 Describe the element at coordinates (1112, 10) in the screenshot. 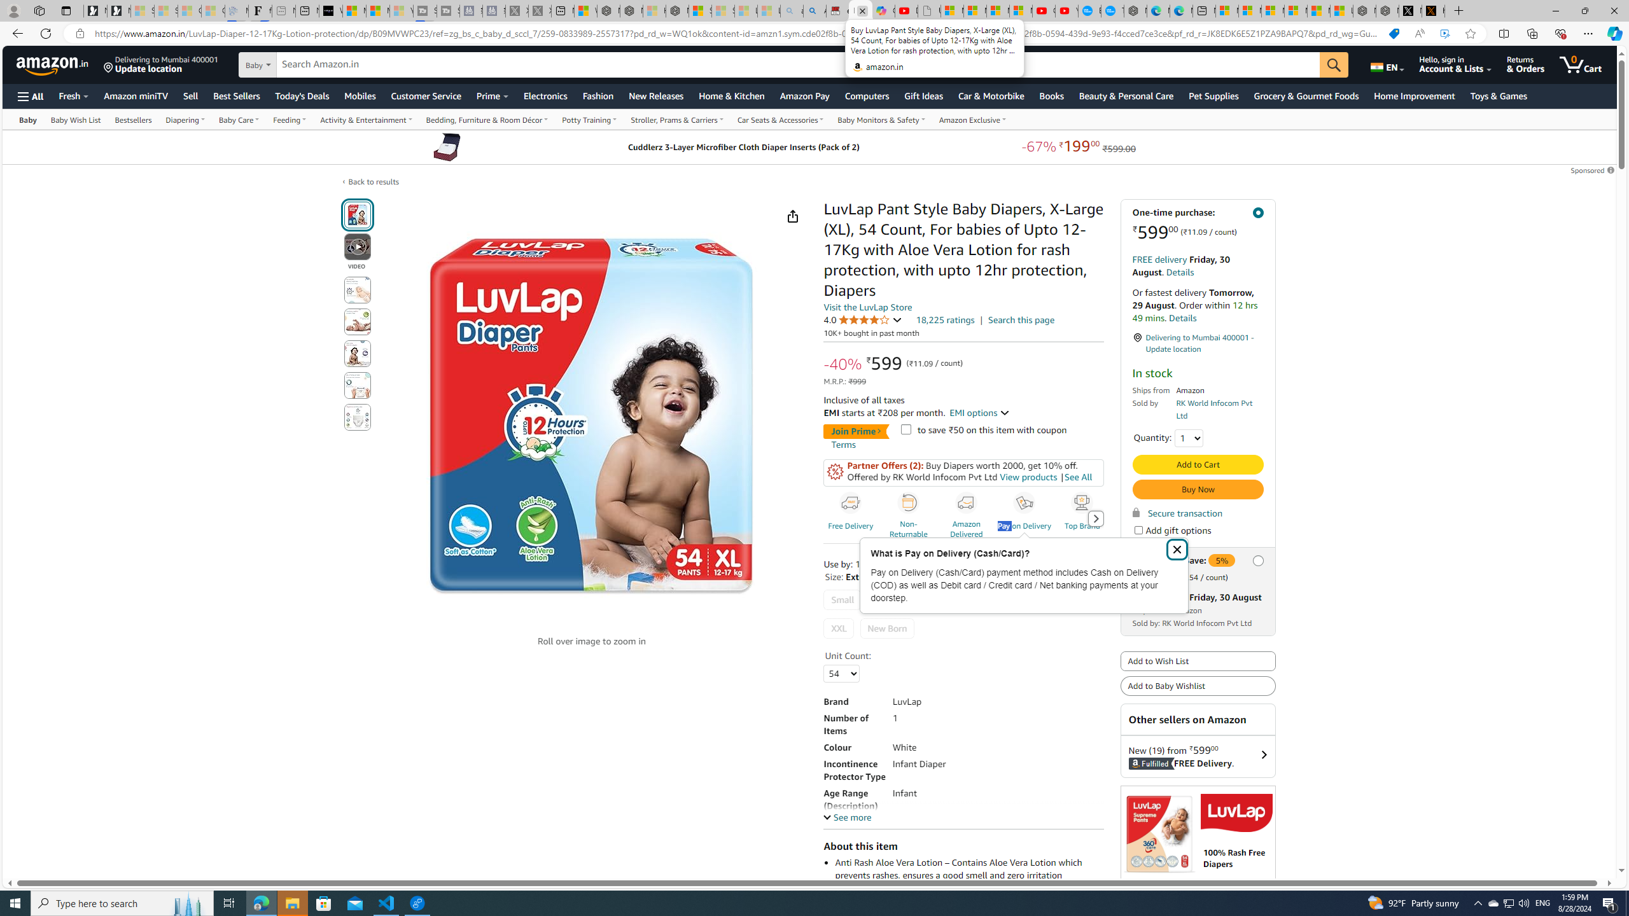

I see `'The most popular Google '` at that location.